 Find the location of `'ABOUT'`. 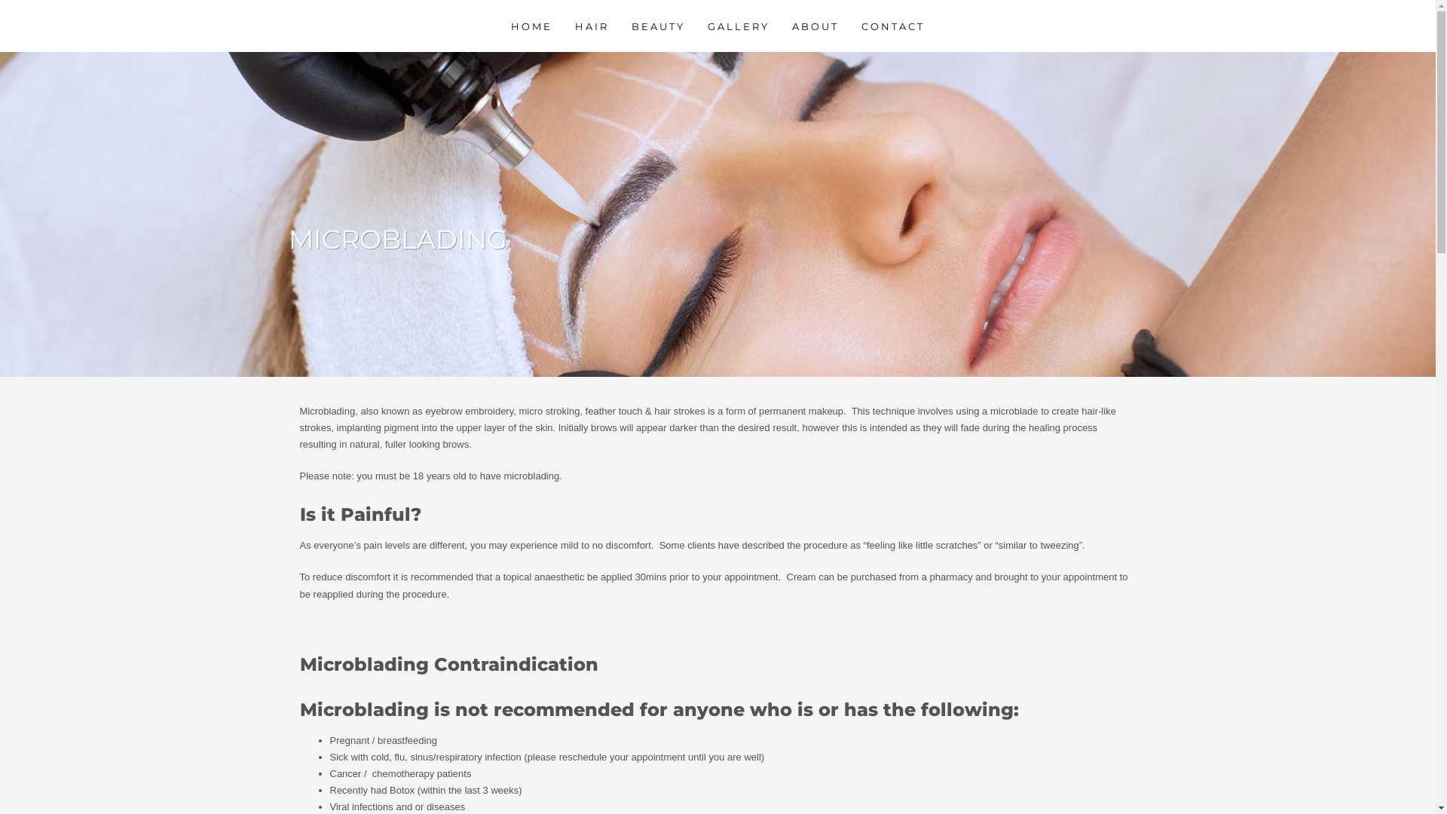

'ABOUT' is located at coordinates (782, 26).